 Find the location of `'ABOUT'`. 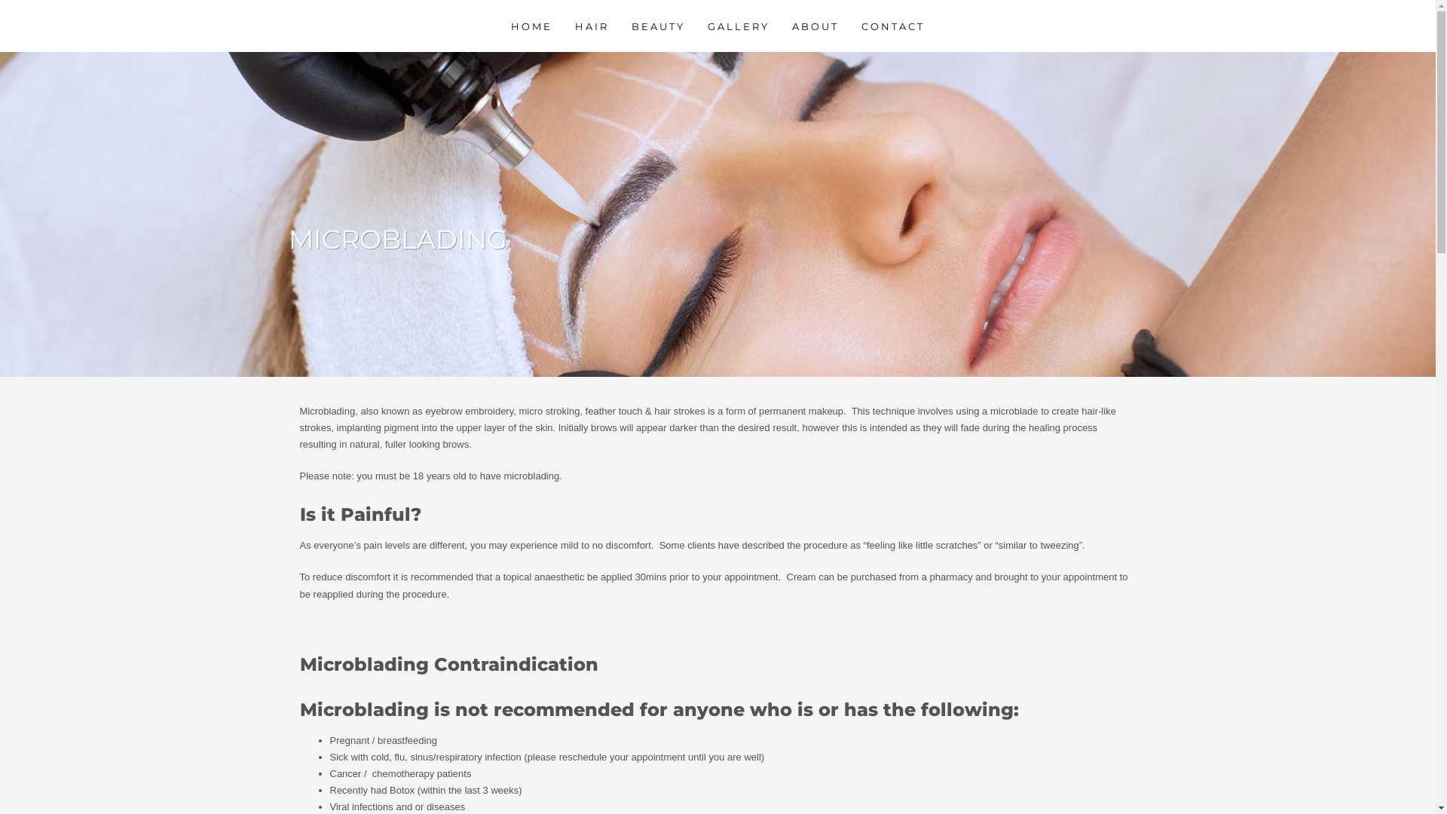

'ABOUT' is located at coordinates (782, 26).